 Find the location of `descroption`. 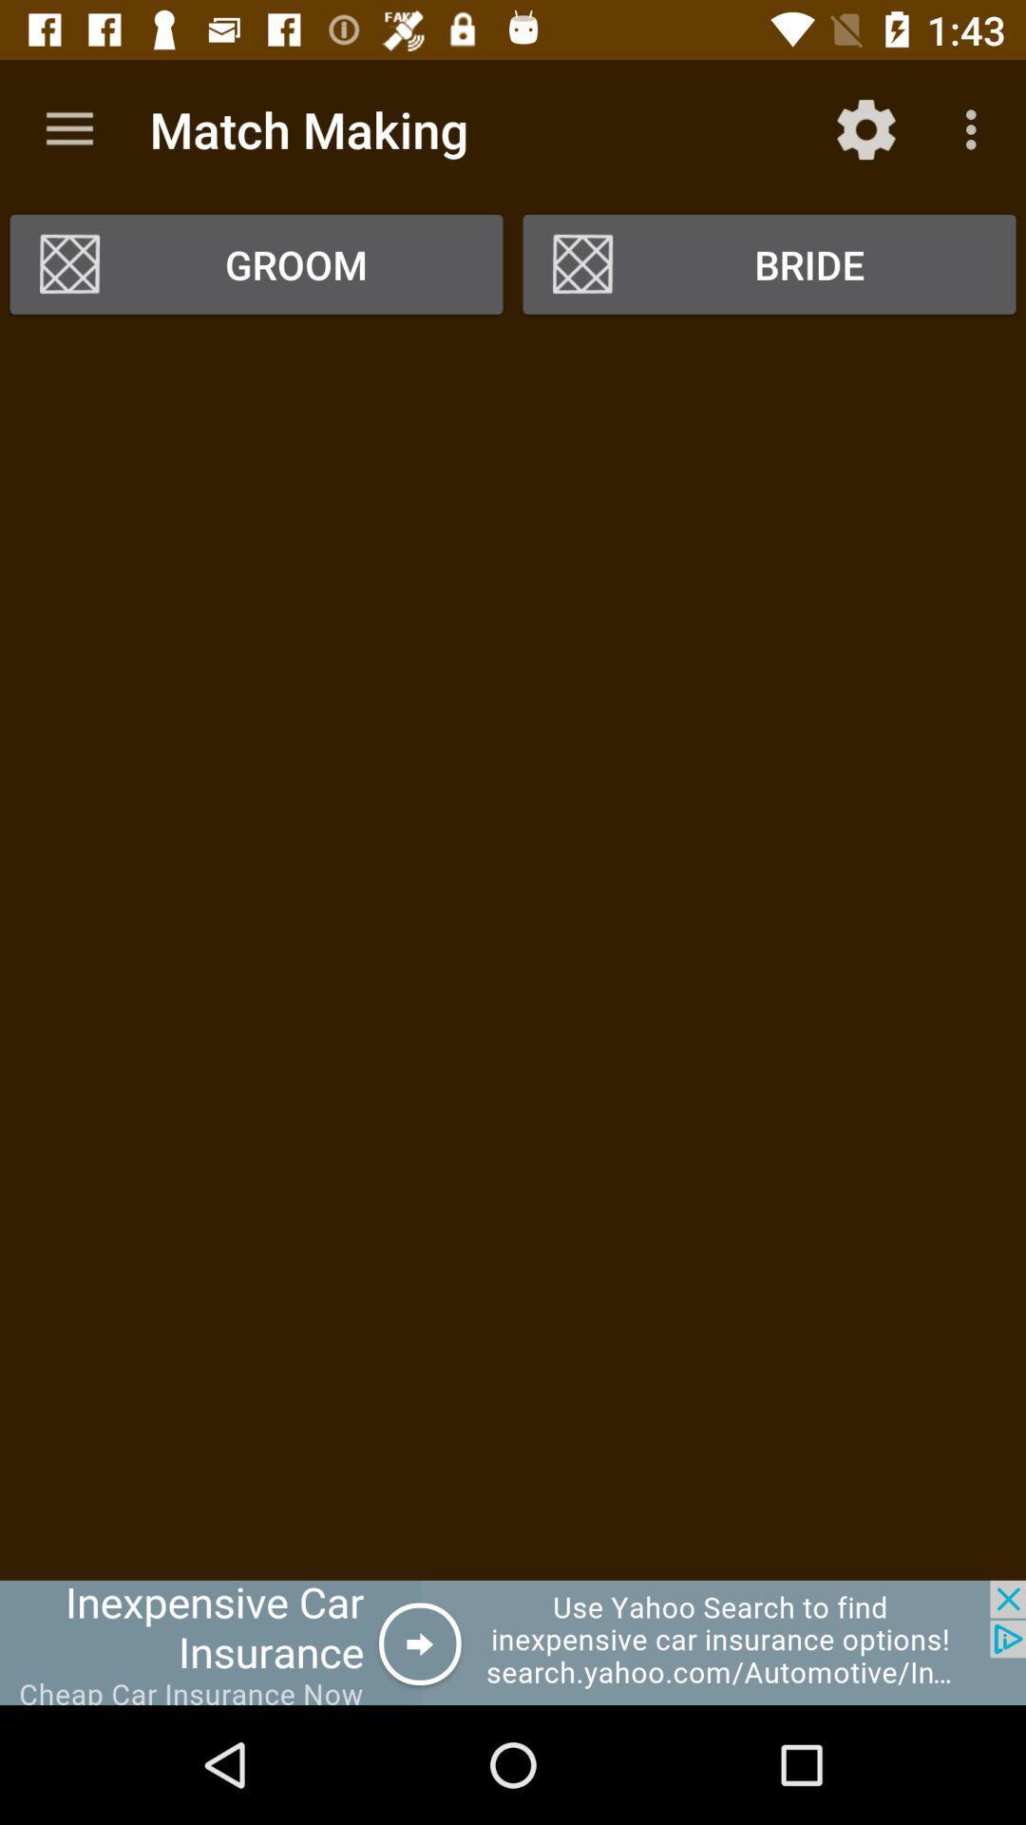

descroption is located at coordinates (513, 954).